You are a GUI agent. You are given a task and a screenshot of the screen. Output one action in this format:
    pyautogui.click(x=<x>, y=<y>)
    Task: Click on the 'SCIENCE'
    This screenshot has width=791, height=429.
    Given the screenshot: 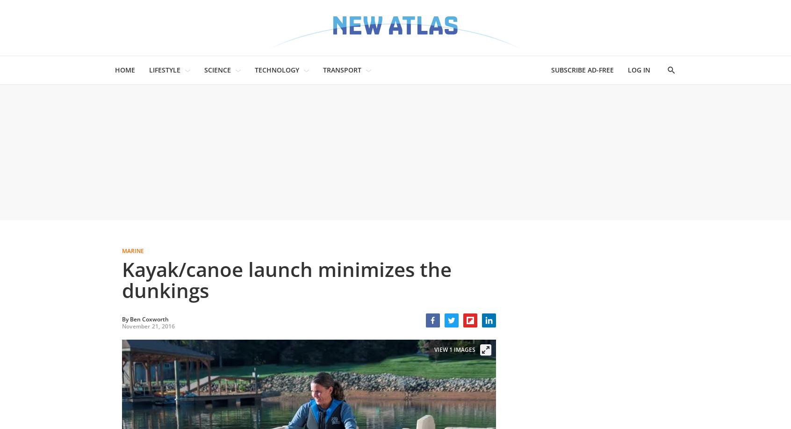 What is the action you would take?
    pyautogui.click(x=217, y=70)
    